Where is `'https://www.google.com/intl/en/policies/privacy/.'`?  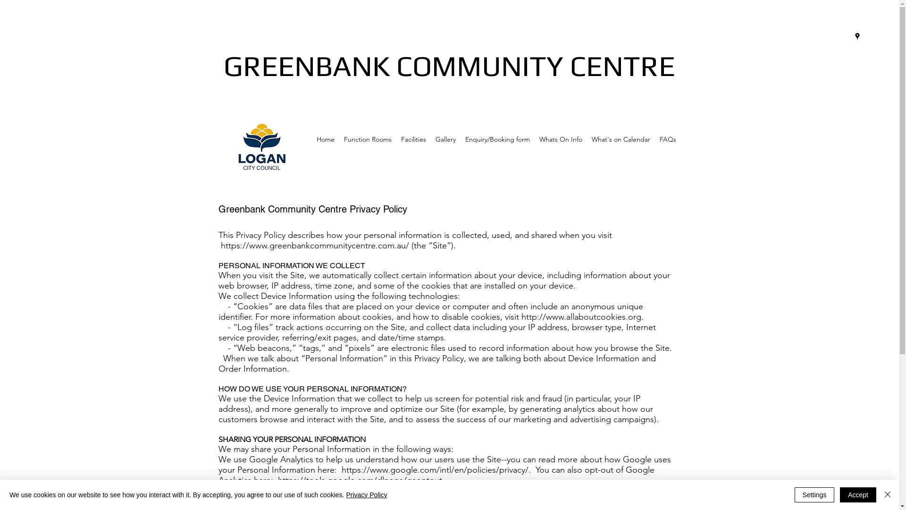 'https://www.google.com/intl/en/policies/privacy/.' is located at coordinates (436, 470).